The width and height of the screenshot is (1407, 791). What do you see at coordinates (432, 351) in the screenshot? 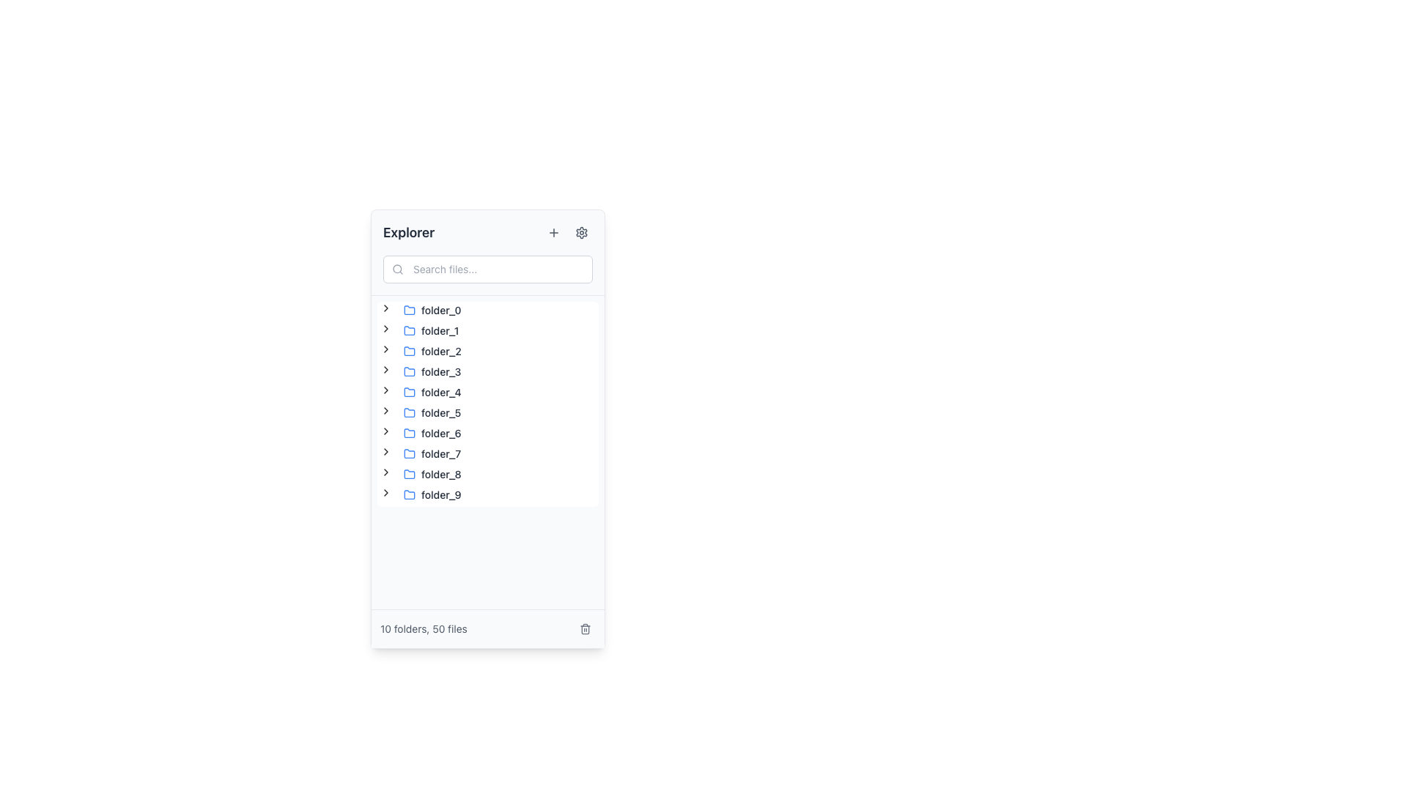
I see `the Tree item labeled 'folder_2', which is a blue folder icon followed by the dark text 'folder_2', located in the left-side menu of the application` at bounding box center [432, 351].